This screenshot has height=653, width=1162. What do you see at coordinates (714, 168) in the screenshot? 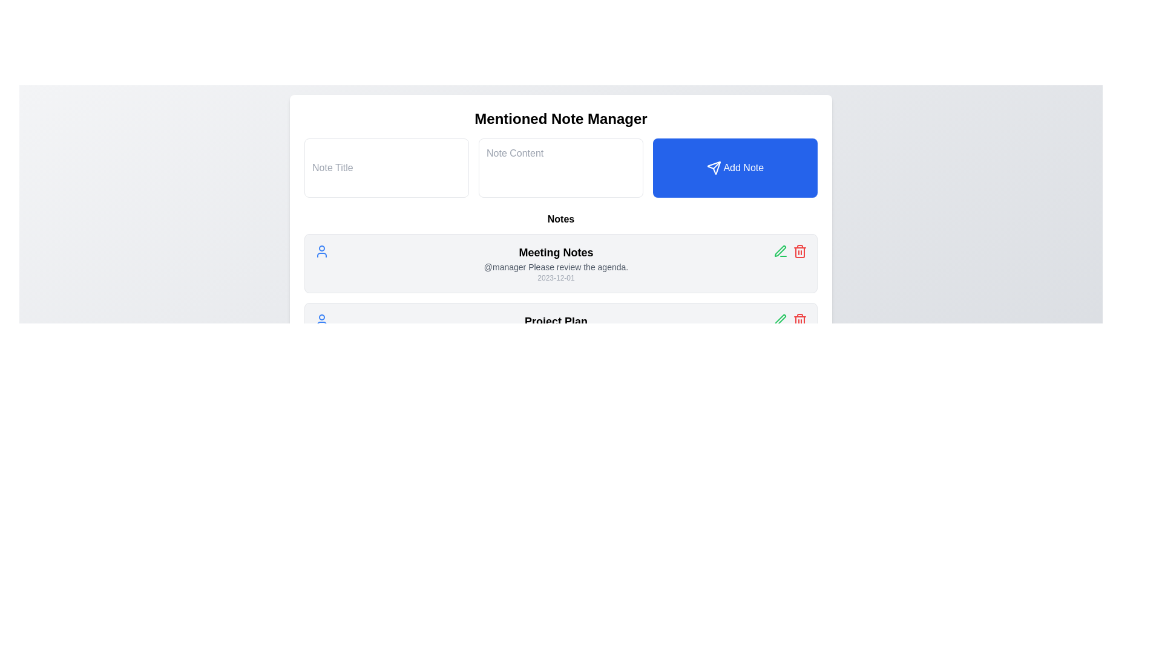
I see `the paper airplane icon located at the top-right corner of the 'Add Note' button, which has a blue background and white text` at bounding box center [714, 168].